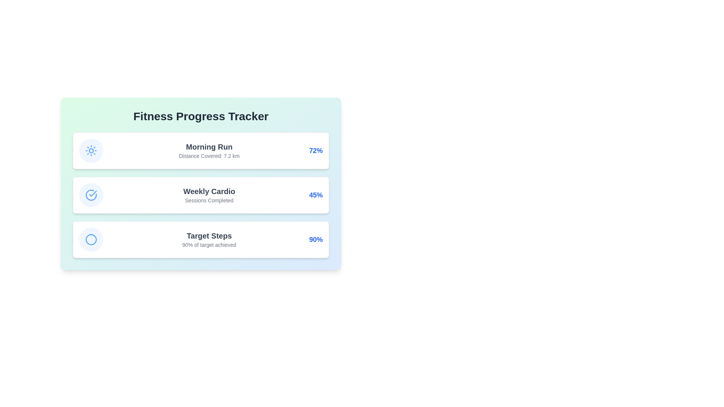 This screenshot has width=724, height=407. I want to click on the circular blue check mark icon located in the 'Weekly Cardio' row for informational purposes, so click(90, 194).